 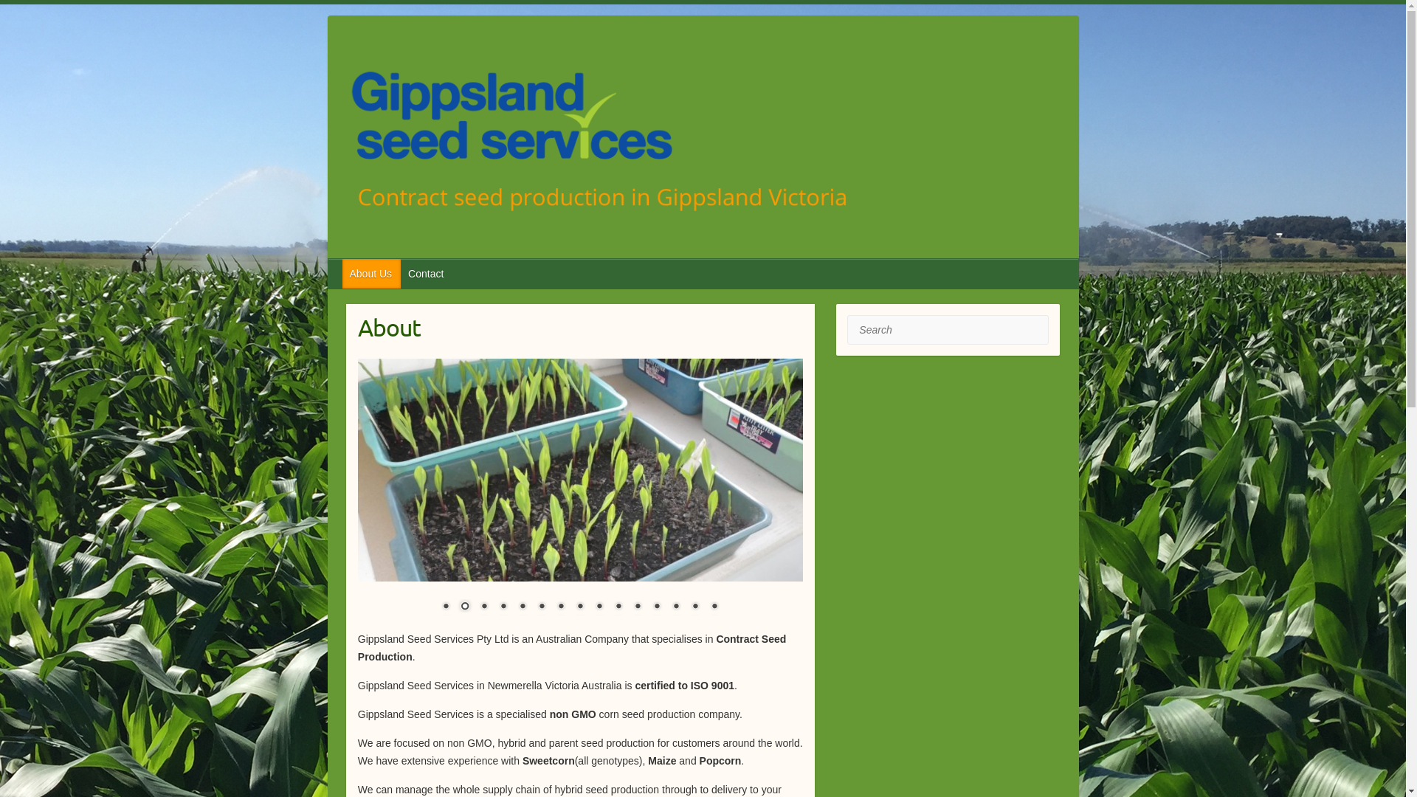 I want to click on '12', so click(x=655, y=607).